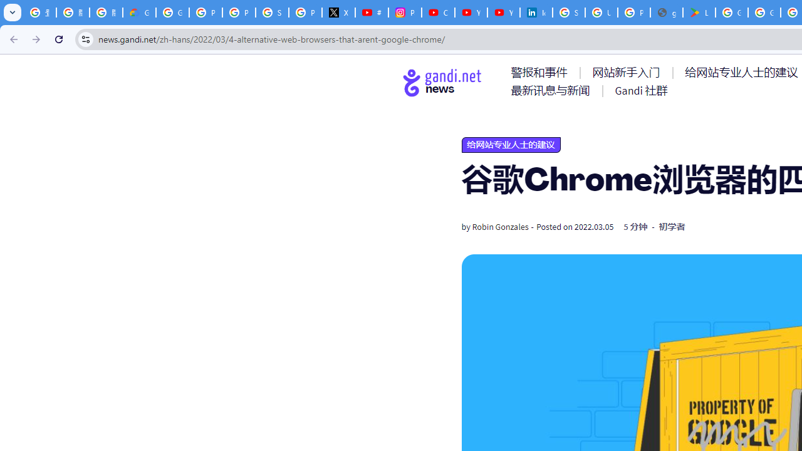 Image resolution: width=802 pixels, height=451 pixels. Describe the element at coordinates (239, 13) in the screenshot. I see `'Privacy Help Center - Policies Help'` at that location.